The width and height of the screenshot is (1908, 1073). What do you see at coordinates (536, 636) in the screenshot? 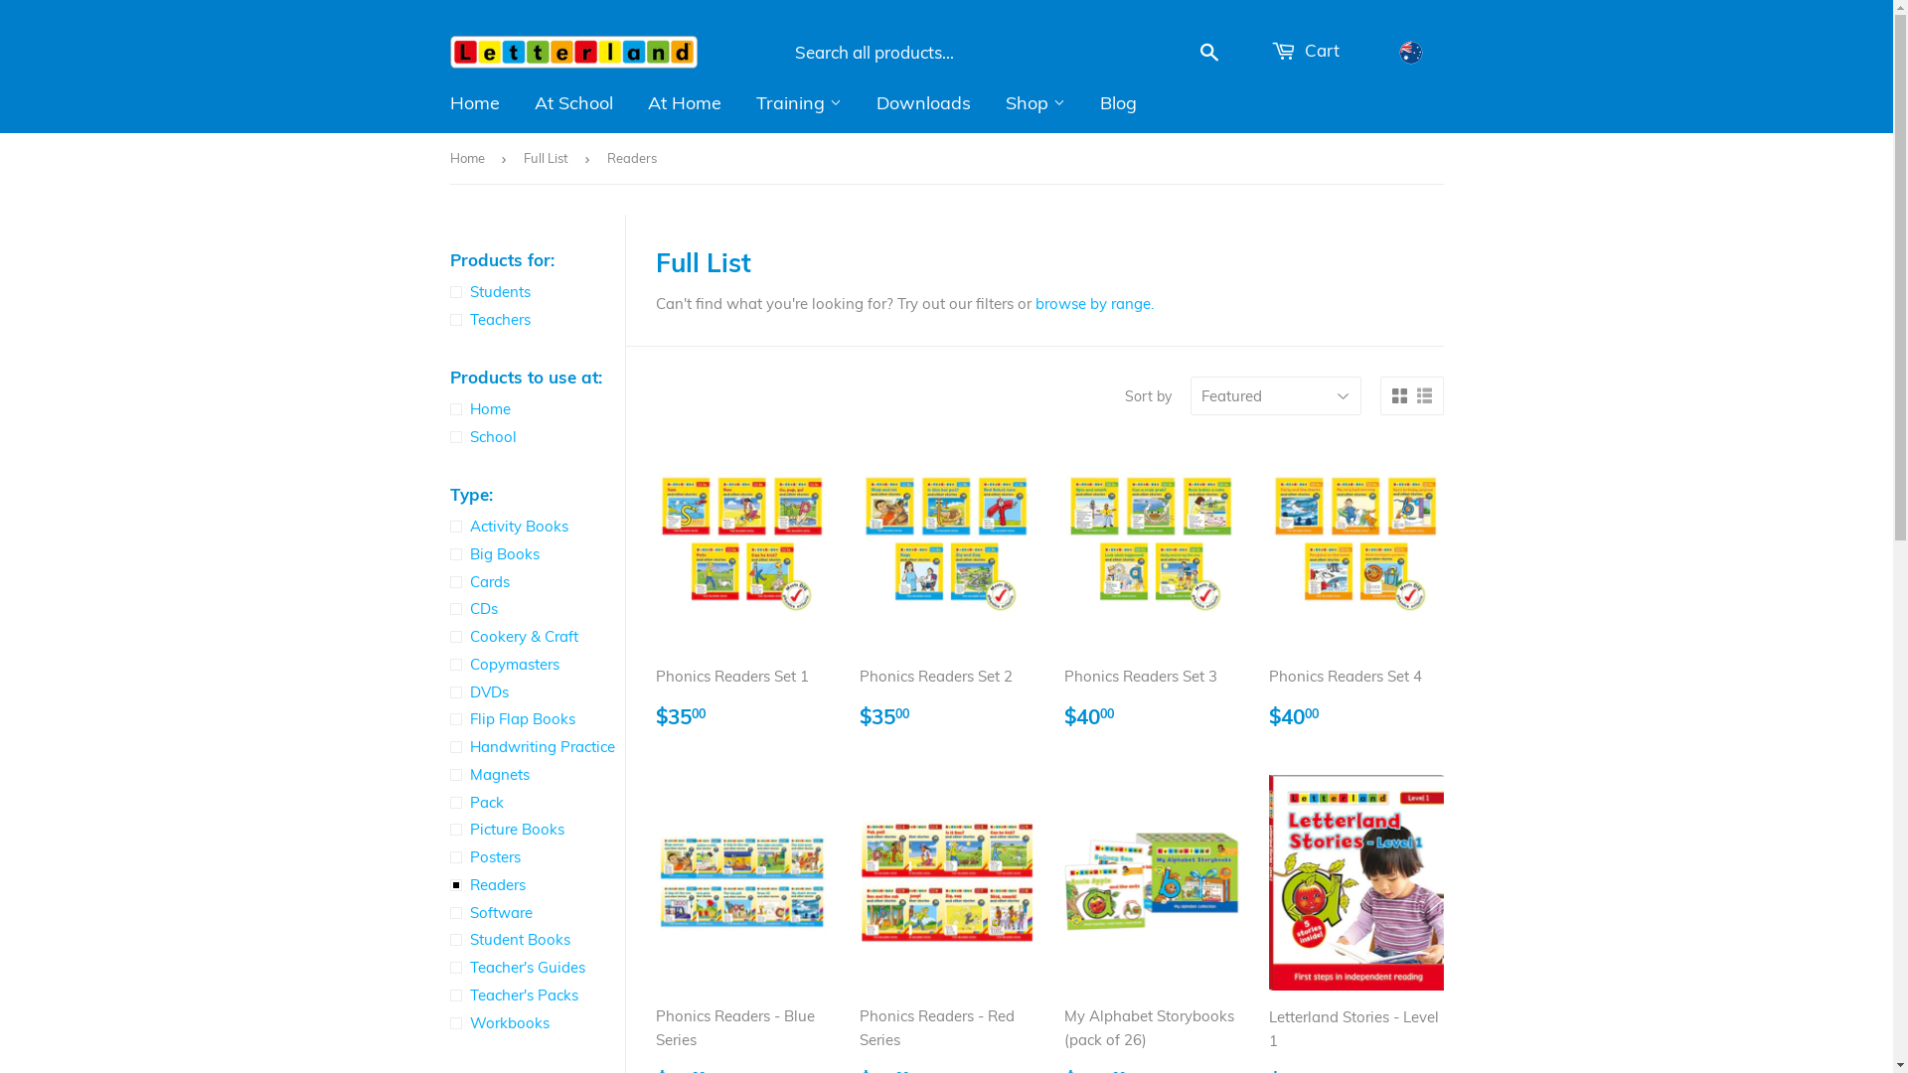
I see `'Cookery & Craft'` at bounding box center [536, 636].